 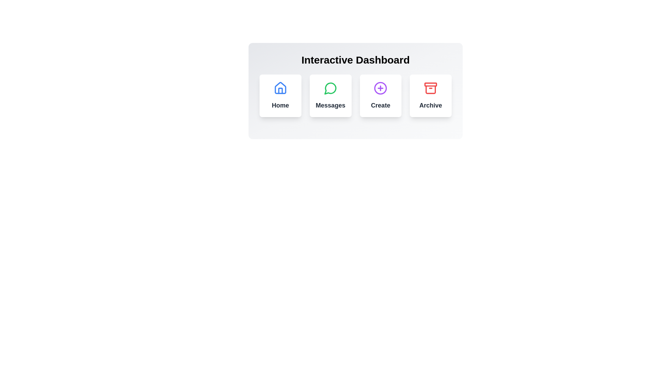 What do you see at coordinates (430, 105) in the screenshot?
I see `the 'Archive' text label, which is styled with a larger font size and bold weight, located below the corresponding box icon in the bottom-right corner of the dashboard, among other options like 'Home', 'Messages', and 'Create'` at bounding box center [430, 105].